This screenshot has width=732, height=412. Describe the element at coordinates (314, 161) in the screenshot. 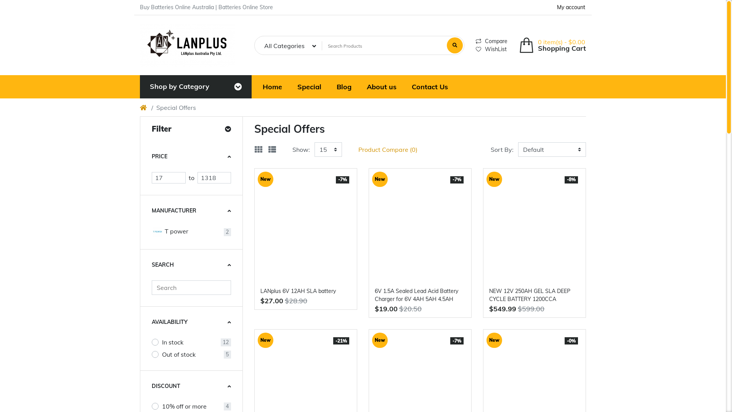

I see `'Quick view'` at that location.